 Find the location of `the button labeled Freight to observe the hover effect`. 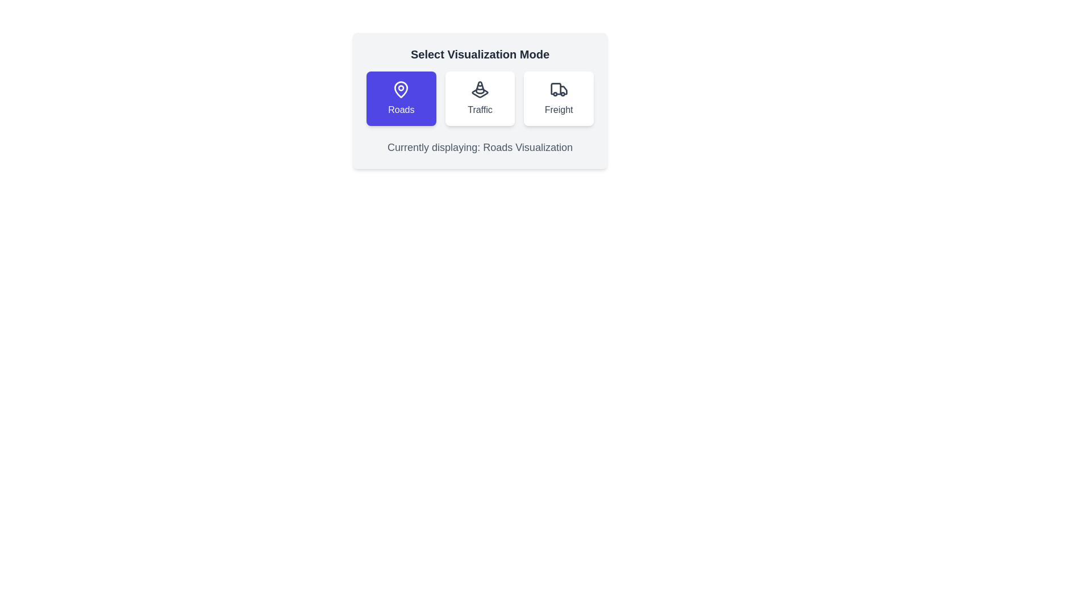

the button labeled Freight to observe the hover effect is located at coordinates (559, 98).